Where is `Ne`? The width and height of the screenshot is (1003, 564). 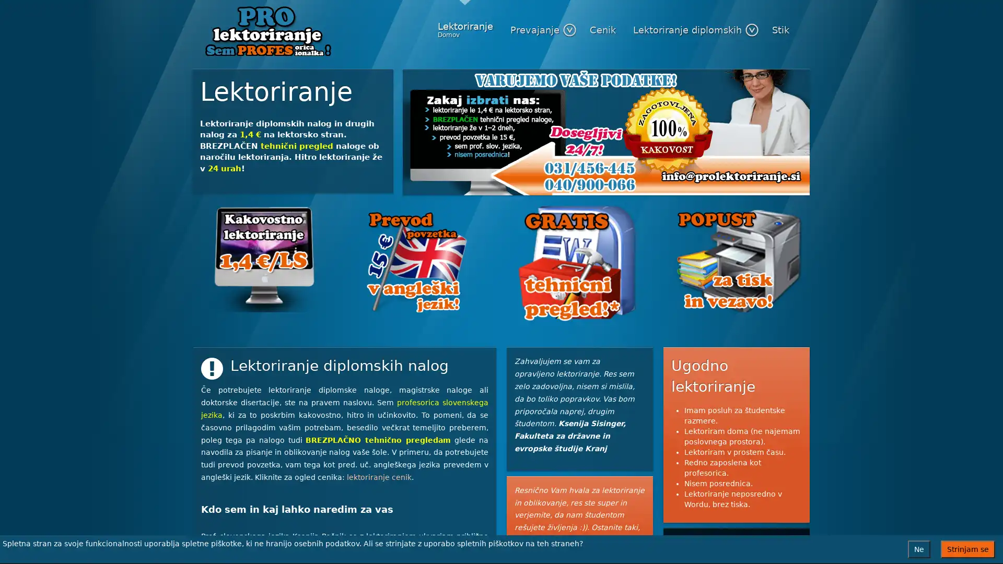 Ne is located at coordinates (918, 549).